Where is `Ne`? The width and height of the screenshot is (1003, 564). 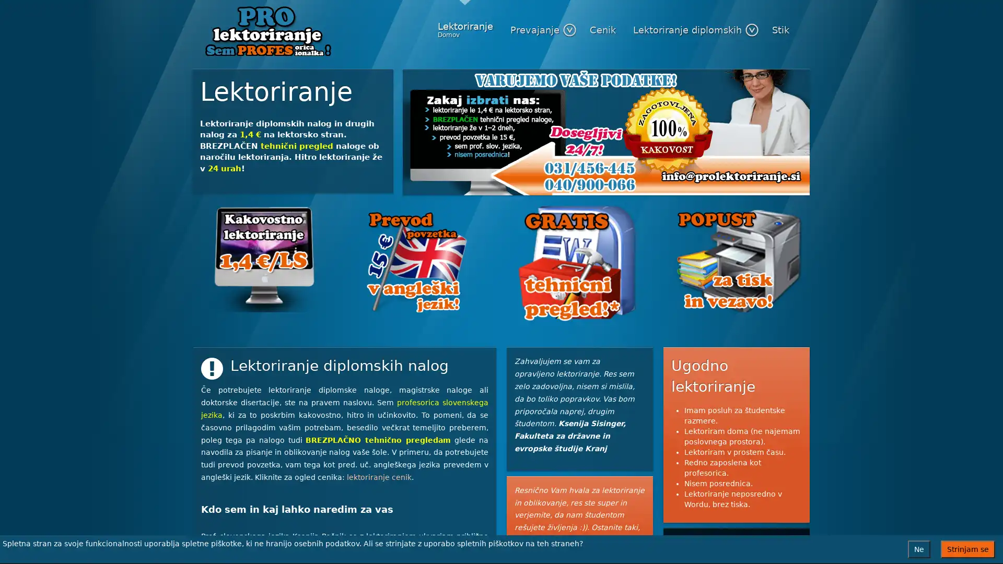 Ne is located at coordinates (918, 549).